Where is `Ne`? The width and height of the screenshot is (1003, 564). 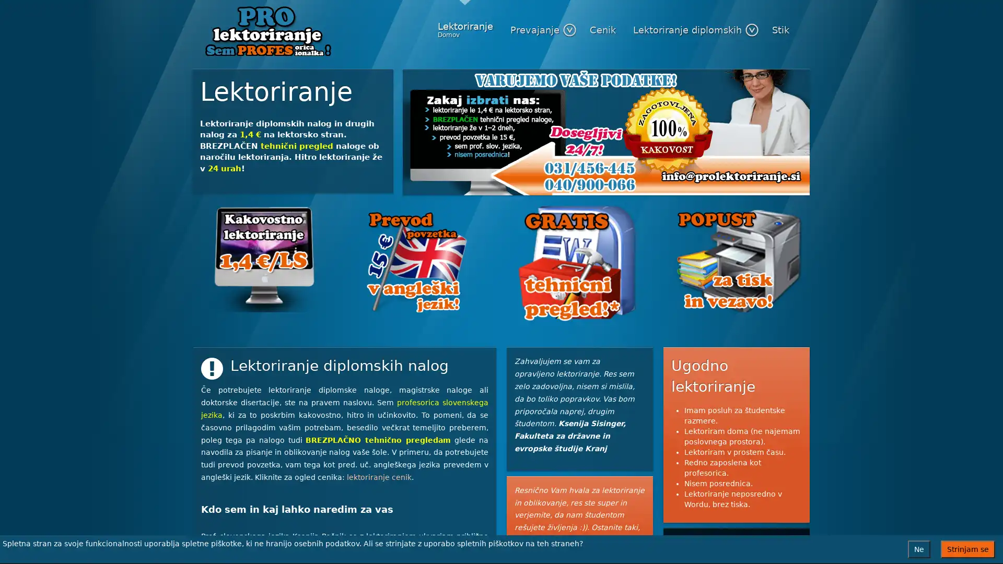 Ne is located at coordinates (918, 549).